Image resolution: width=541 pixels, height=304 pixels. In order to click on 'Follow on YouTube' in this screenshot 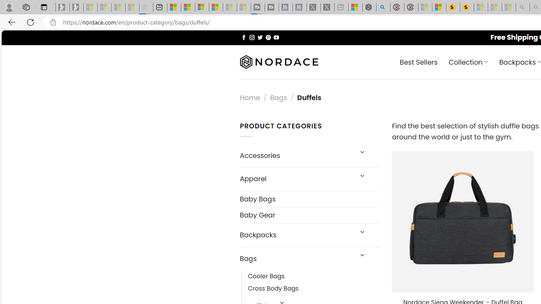, I will do `click(276, 37)`.